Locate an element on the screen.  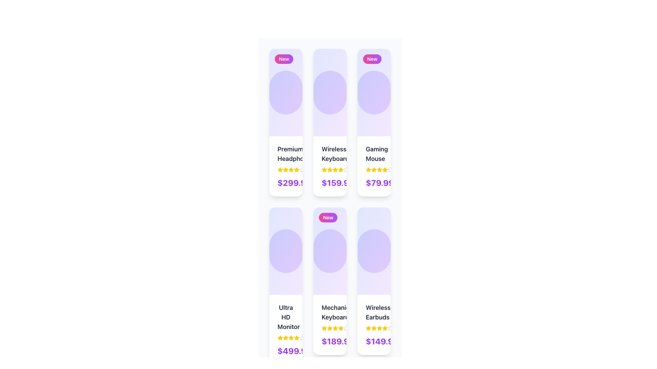
price displayed on the Text label located at the bottom section of the product card, positioned directly below the product rating and name text is located at coordinates (295, 351).